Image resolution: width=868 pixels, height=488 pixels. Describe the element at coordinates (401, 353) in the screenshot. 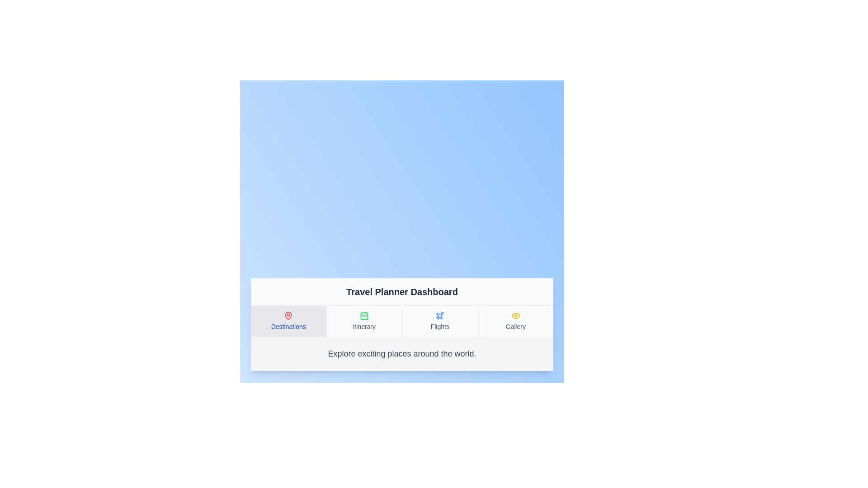

I see `the text label displaying 'Explore exciting places around the world.' which is centrally located below the 'Travel Planner Dashboard' header` at that location.